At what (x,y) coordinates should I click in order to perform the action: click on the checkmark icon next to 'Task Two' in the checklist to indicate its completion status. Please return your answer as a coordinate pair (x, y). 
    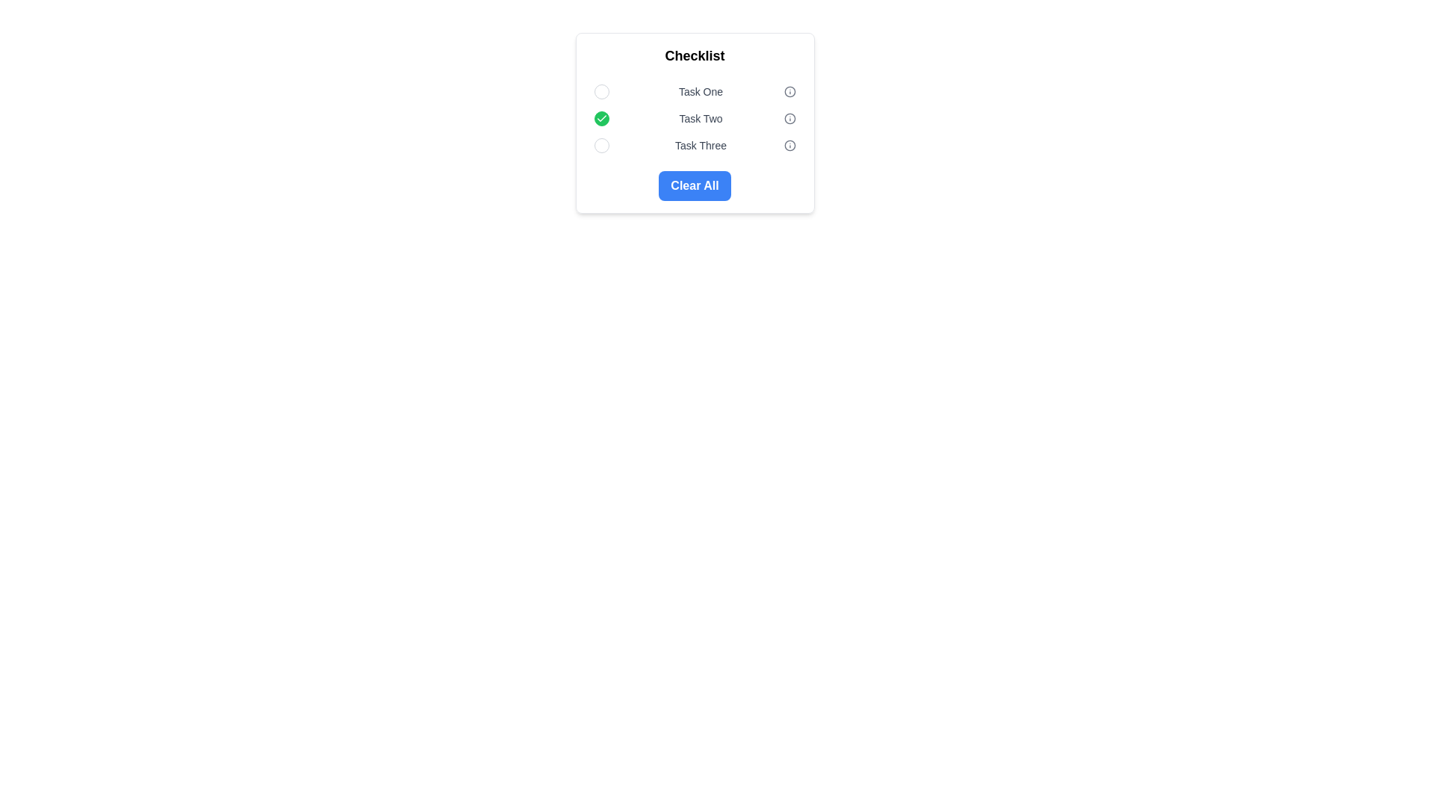
    Looking at the image, I should click on (601, 117).